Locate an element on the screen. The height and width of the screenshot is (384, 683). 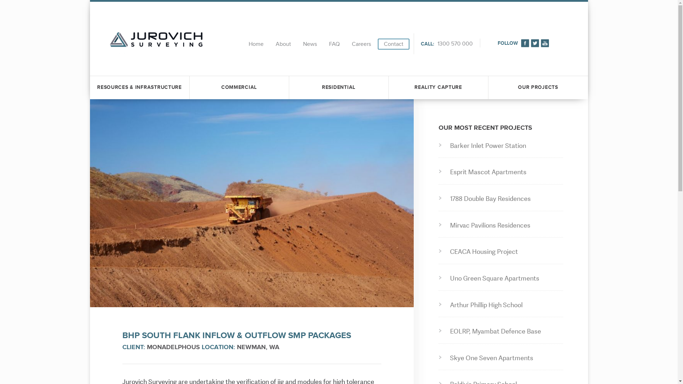
'Mirvac Pavilions Residences' is located at coordinates (502, 225).